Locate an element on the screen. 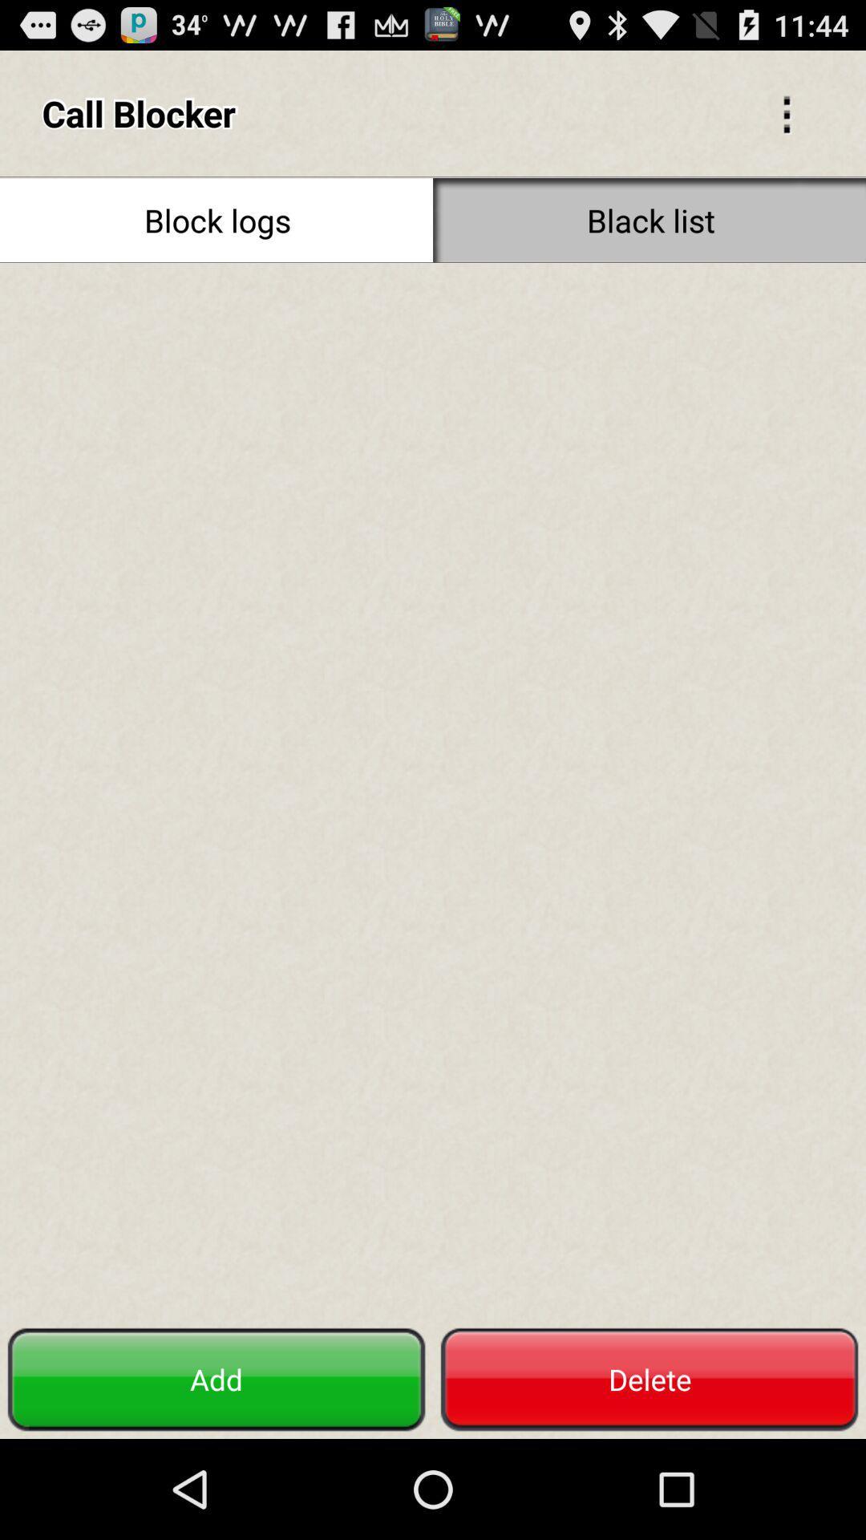  the icon next to the call blocker is located at coordinates (786, 112).